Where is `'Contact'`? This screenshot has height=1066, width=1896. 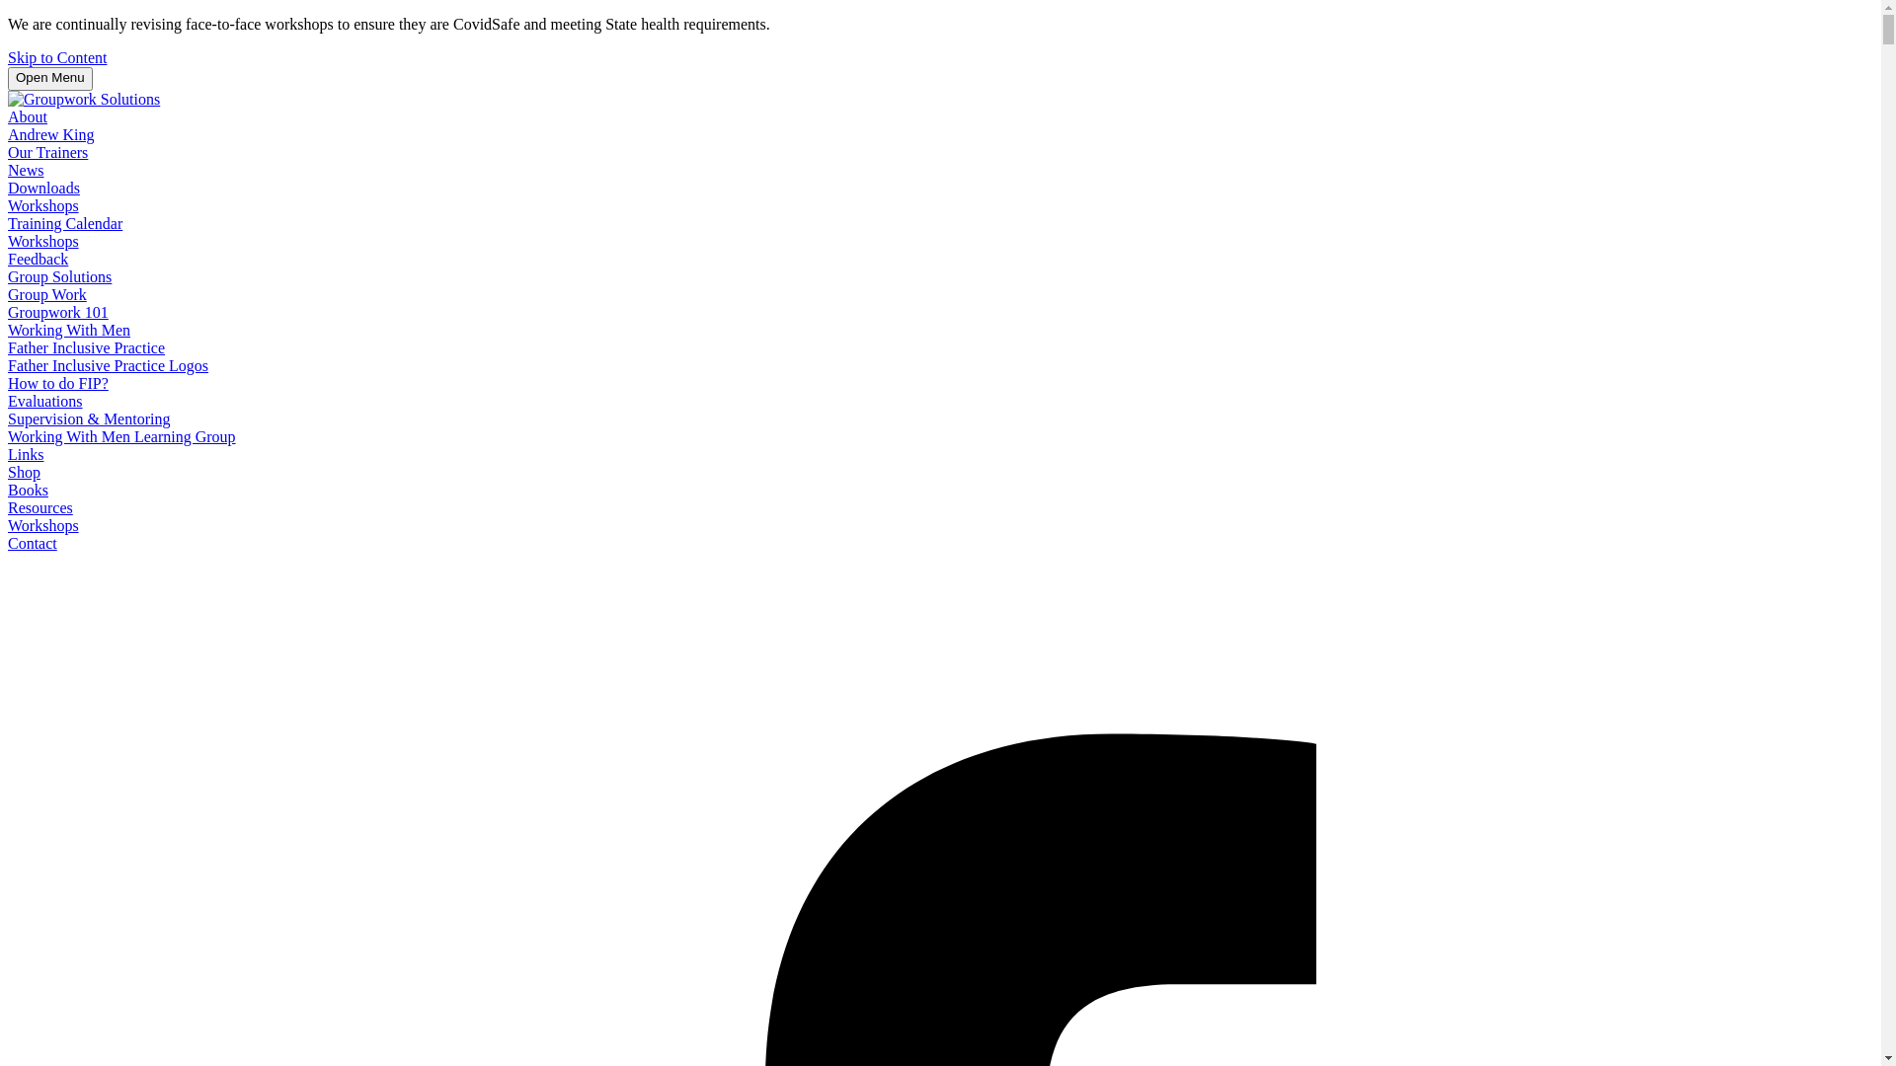 'Contact' is located at coordinates (8, 543).